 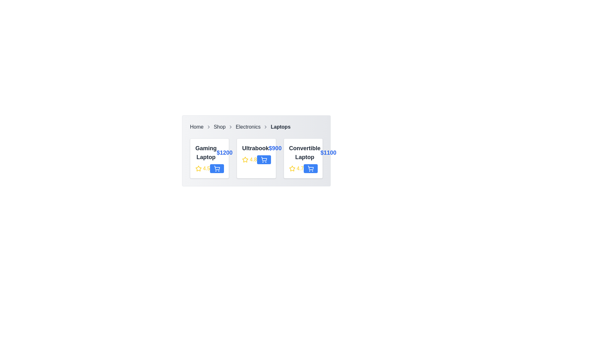 What do you see at coordinates (264, 159) in the screenshot?
I see `the shopping cart icon button within the product card of the 'Ultrabook' laptop` at bounding box center [264, 159].